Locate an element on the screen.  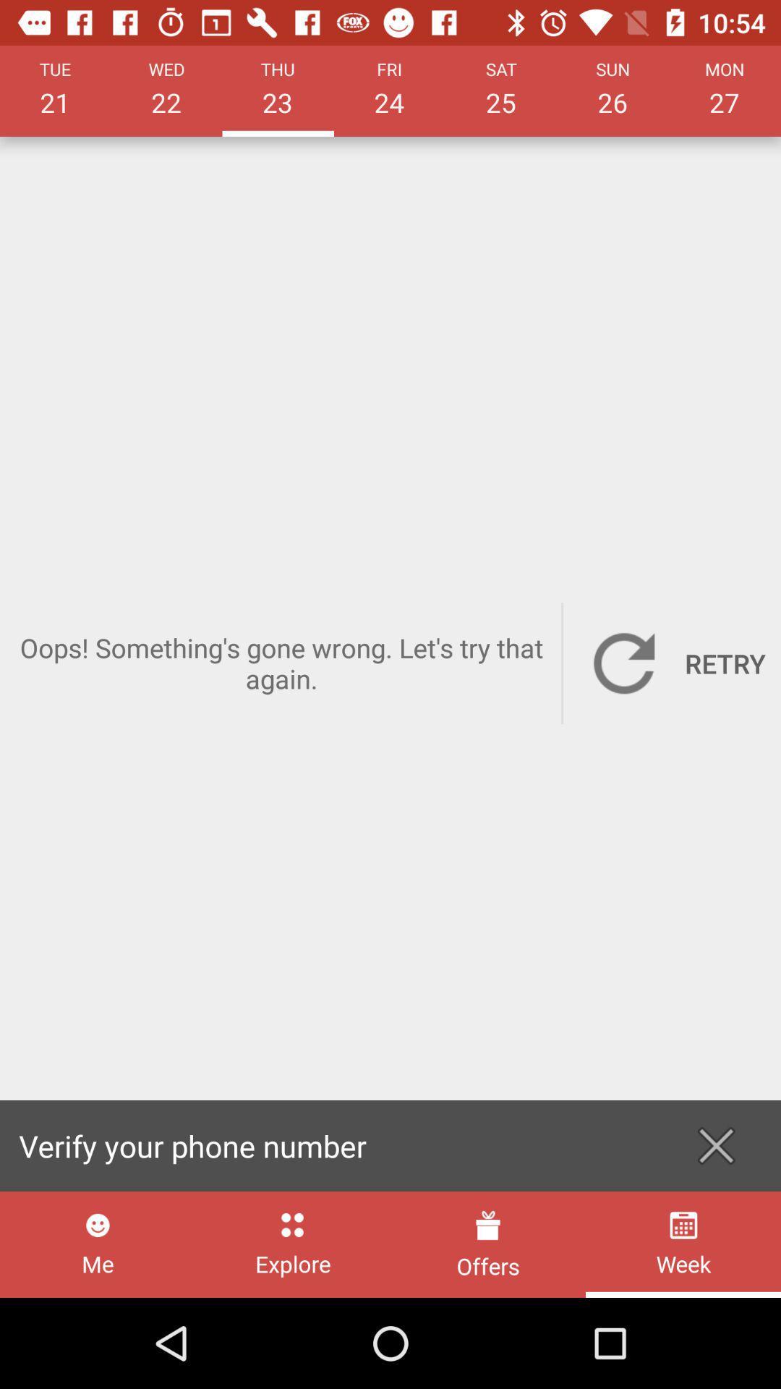
item to the left of the offers is located at coordinates (293, 1244).